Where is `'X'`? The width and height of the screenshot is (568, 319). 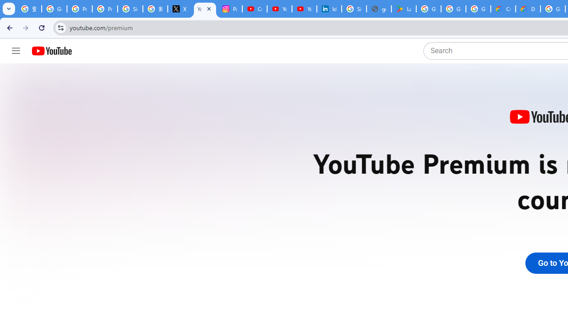 'X' is located at coordinates (179, 9).